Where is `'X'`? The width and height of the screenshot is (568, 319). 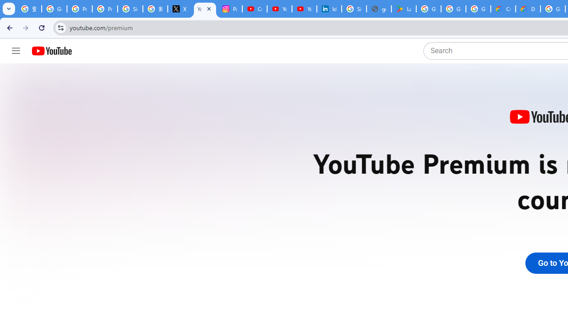 'X' is located at coordinates (179, 9).